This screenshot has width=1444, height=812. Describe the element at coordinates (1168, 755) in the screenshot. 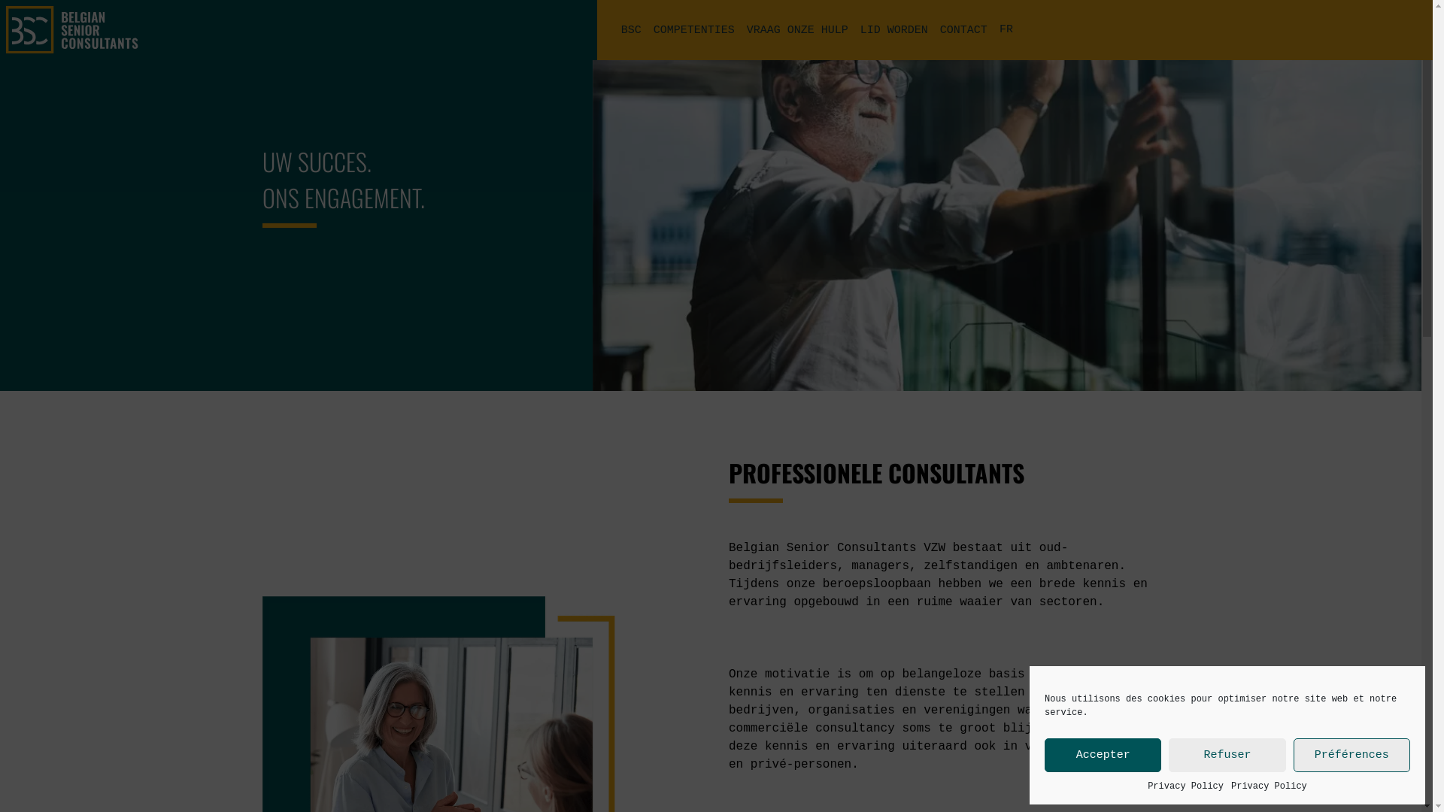

I see `'Refuser'` at that location.